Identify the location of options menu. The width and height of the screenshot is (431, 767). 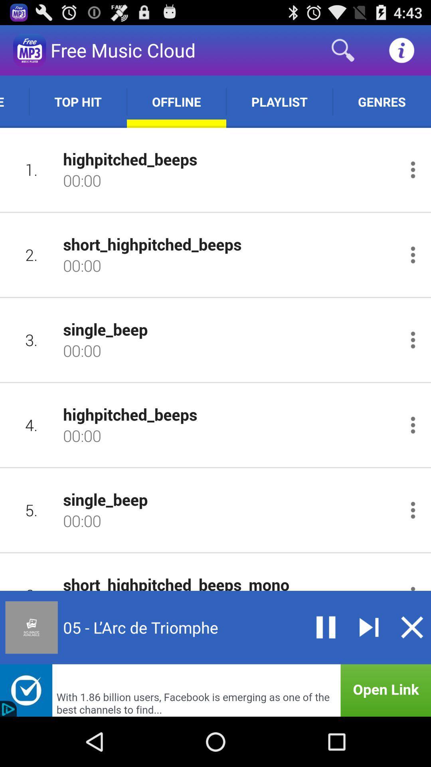
(413, 340).